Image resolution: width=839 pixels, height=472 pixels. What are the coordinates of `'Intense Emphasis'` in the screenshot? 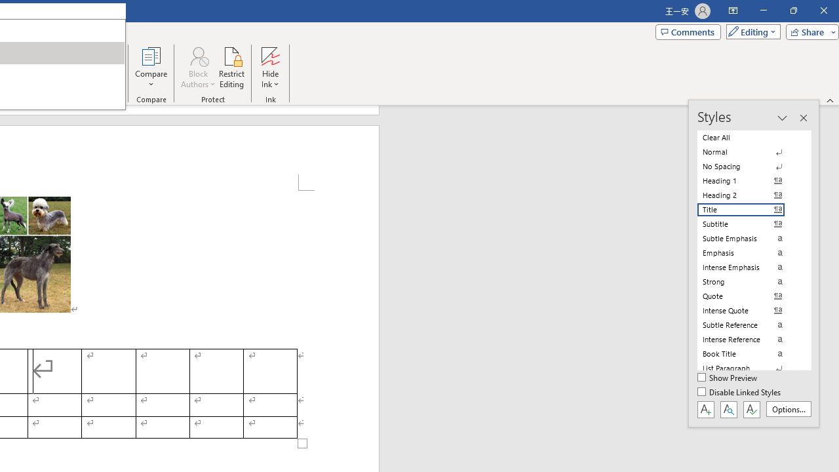 It's located at (749, 266).